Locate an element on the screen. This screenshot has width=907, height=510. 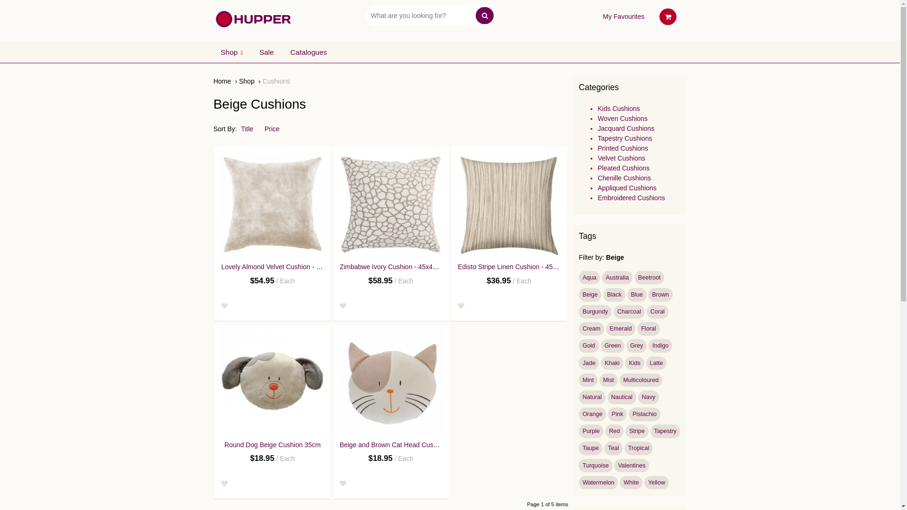
'Pleated Cushions' is located at coordinates (624, 167).